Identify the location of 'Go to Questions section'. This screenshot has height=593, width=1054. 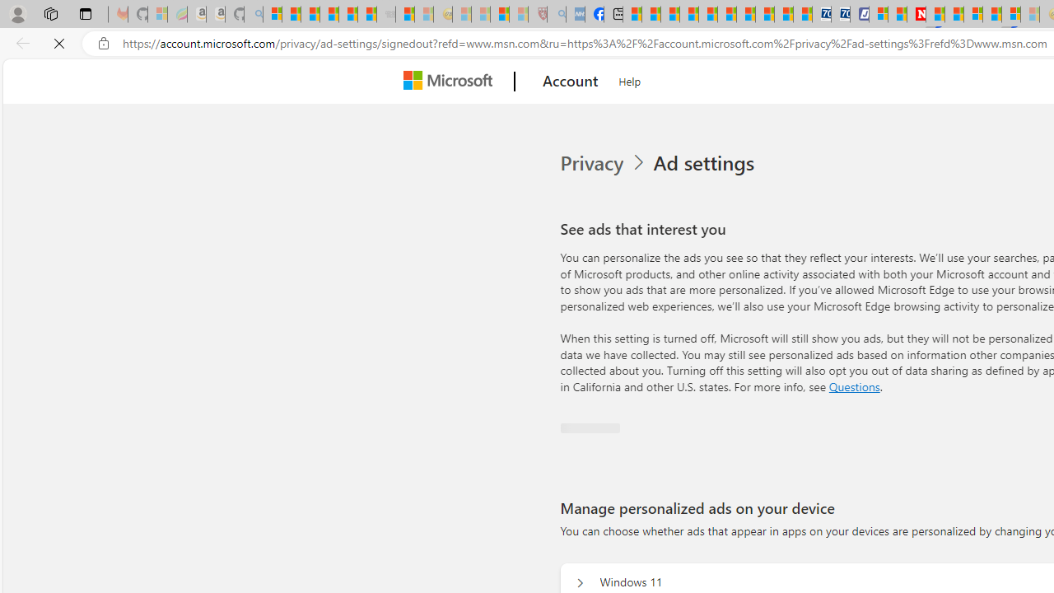
(854, 386).